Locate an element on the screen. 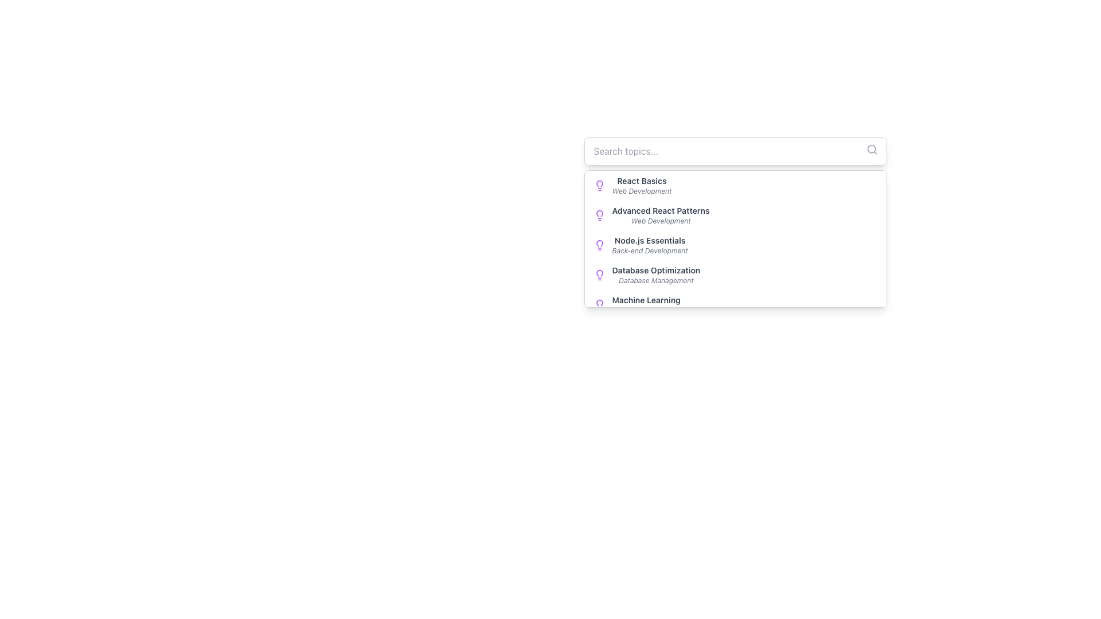 This screenshot has width=1101, height=619. the fourth list item in the dropdown related to 'Database Optimization' under 'Search topics...' is located at coordinates (735, 275).